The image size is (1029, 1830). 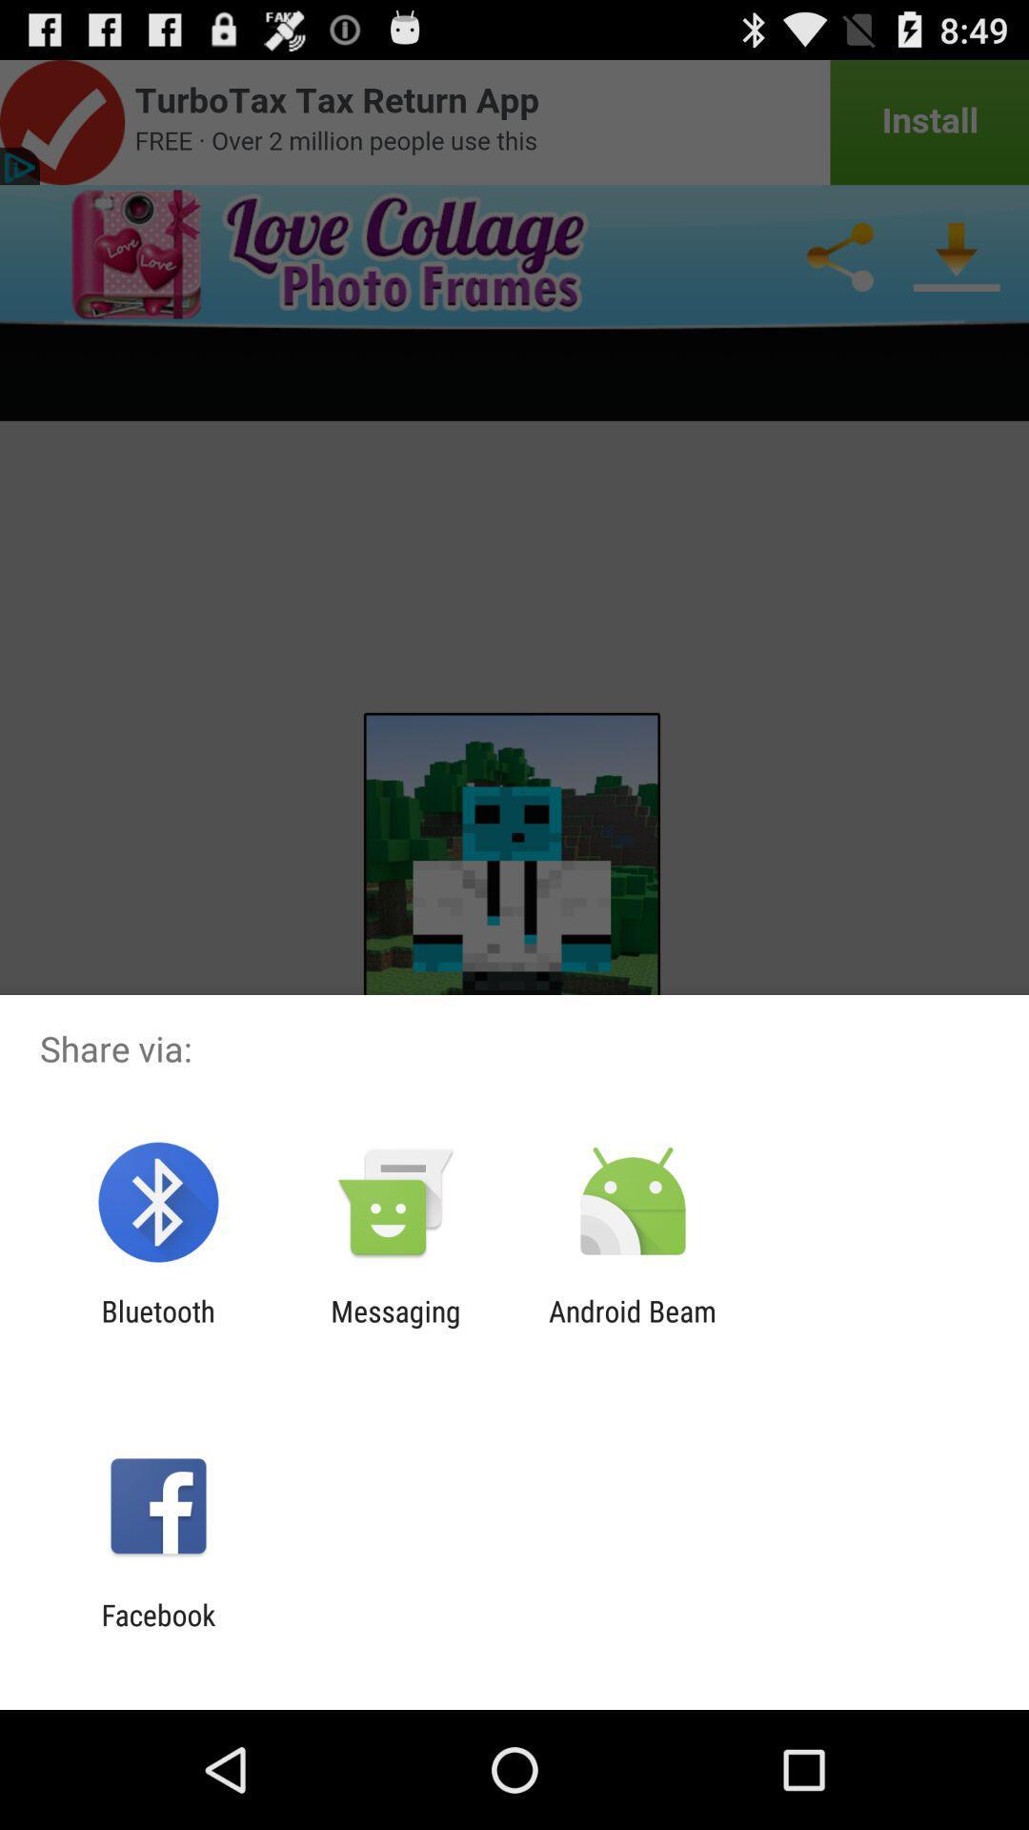 I want to click on the item next to bluetooth item, so click(x=394, y=1327).